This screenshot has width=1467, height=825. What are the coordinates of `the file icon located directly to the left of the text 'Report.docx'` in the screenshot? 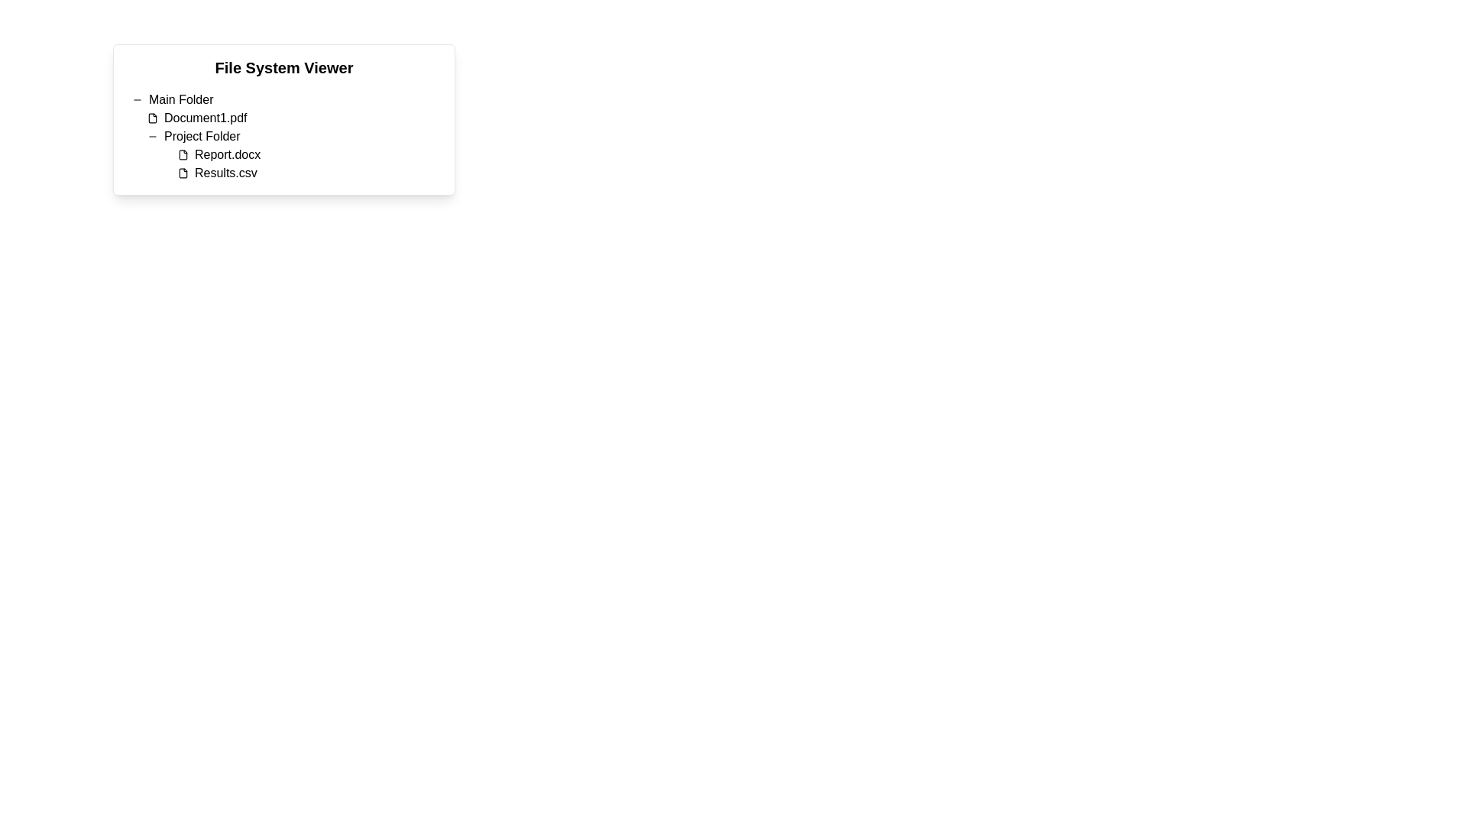 It's located at (183, 155).